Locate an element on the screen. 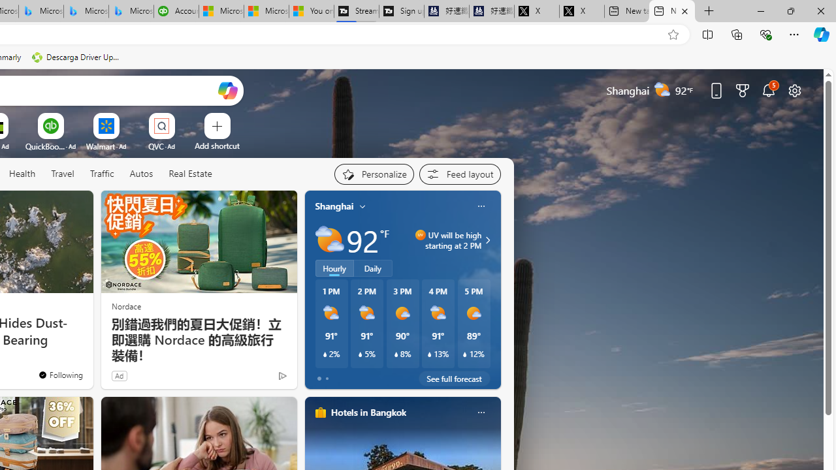  'Add a site' is located at coordinates (217, 146).